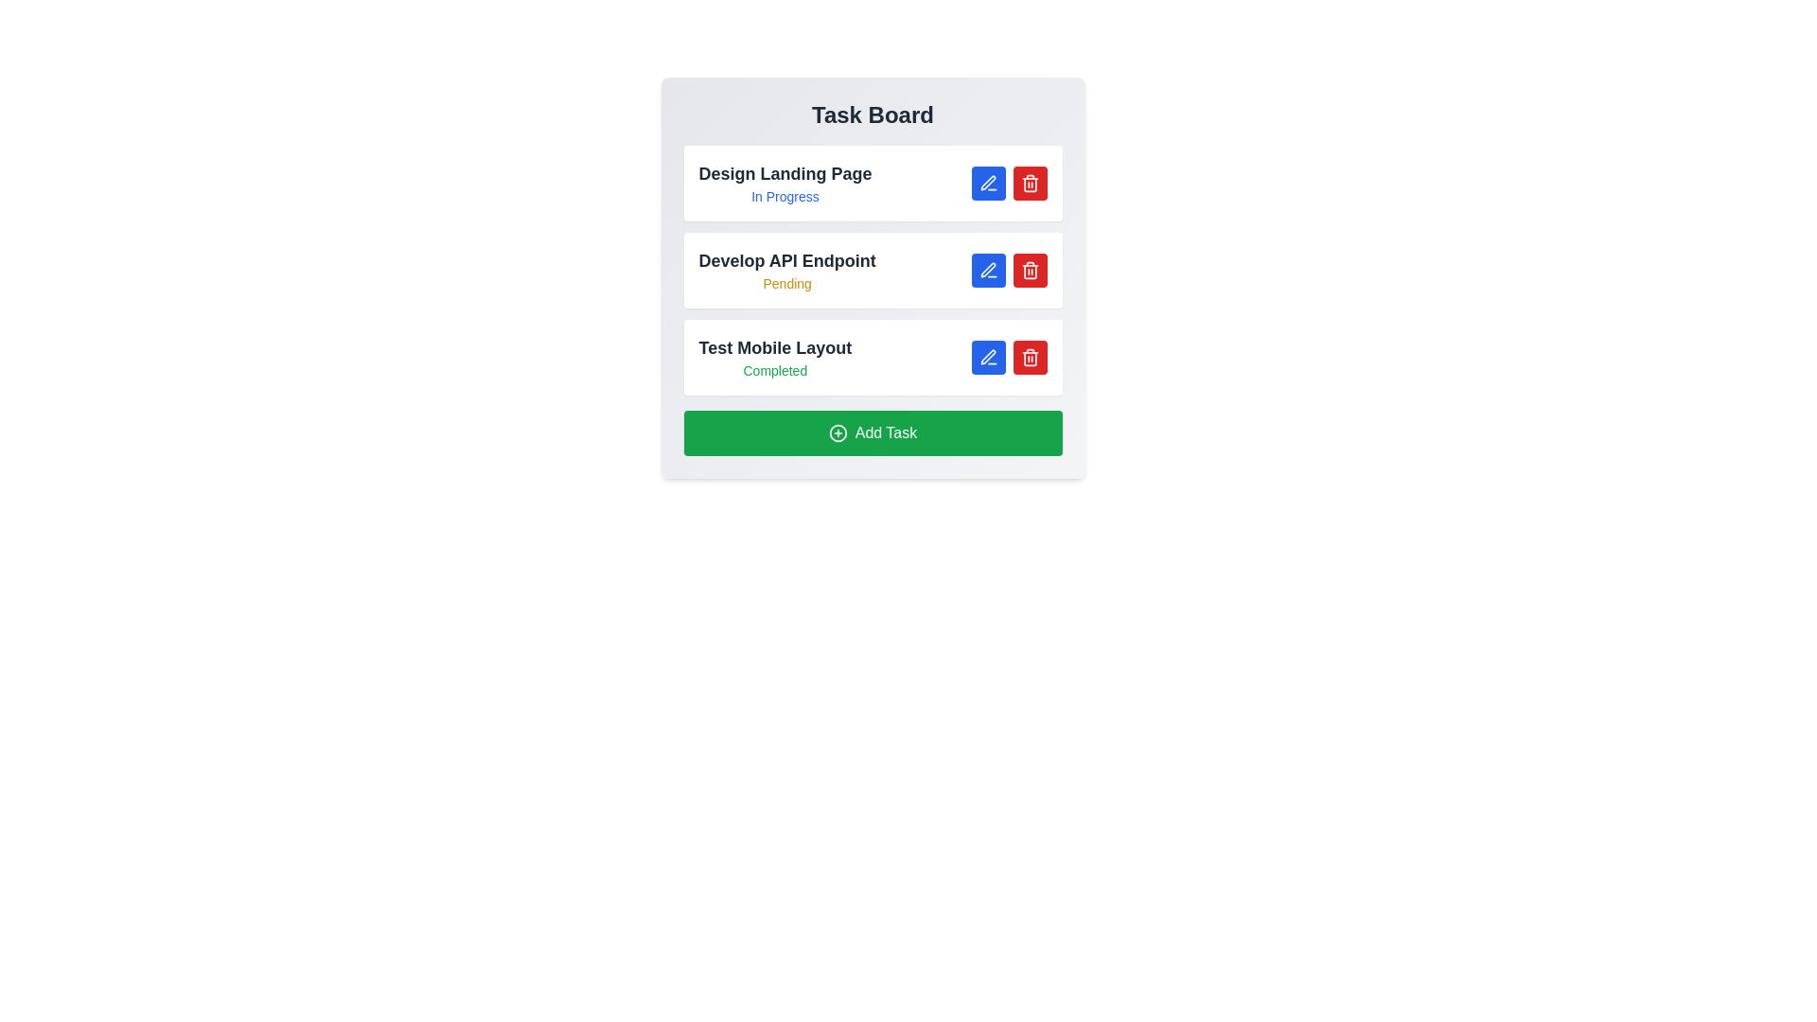 The height and width of the screenshot is (1022, 1817). I want to click on the task name to view its details, so click(785, 174).